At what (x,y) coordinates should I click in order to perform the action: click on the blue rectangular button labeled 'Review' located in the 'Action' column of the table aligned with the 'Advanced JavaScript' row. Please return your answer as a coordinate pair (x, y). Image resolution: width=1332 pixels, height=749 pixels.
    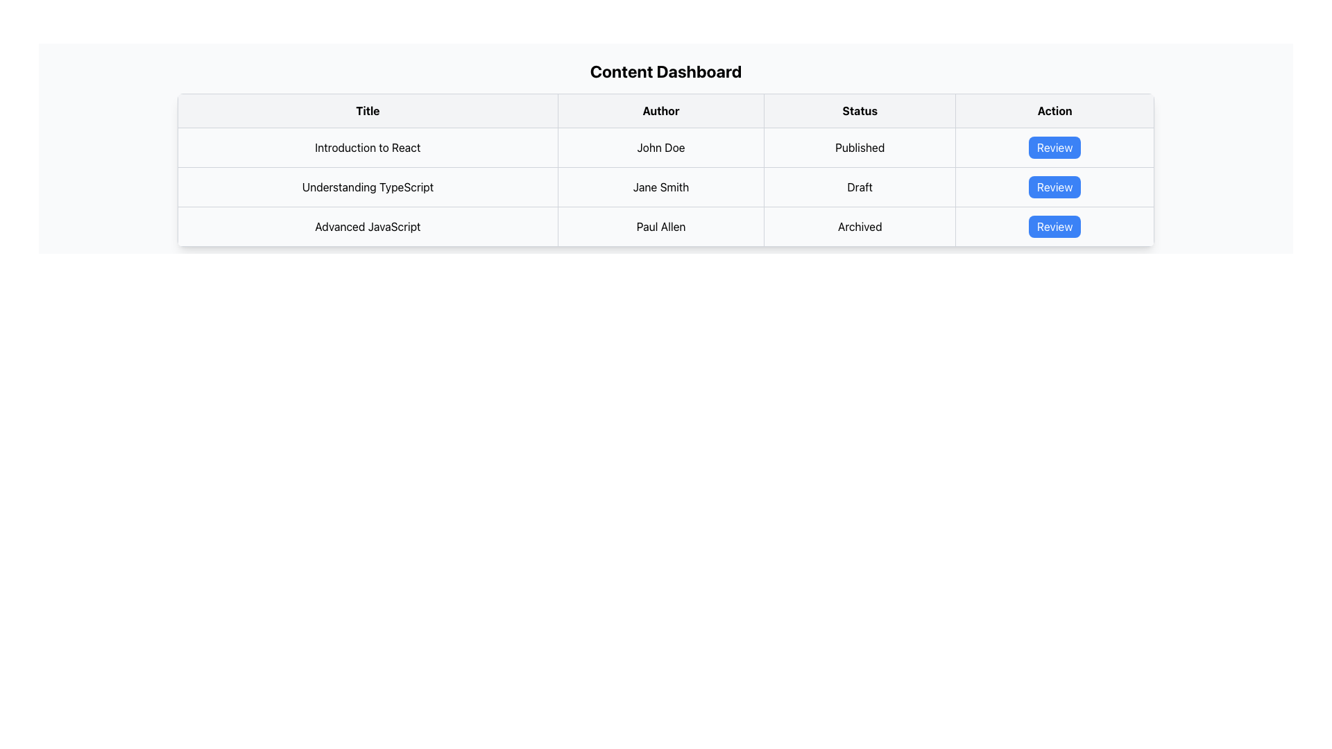
    Looking at the image, I should click on (1054, 226).